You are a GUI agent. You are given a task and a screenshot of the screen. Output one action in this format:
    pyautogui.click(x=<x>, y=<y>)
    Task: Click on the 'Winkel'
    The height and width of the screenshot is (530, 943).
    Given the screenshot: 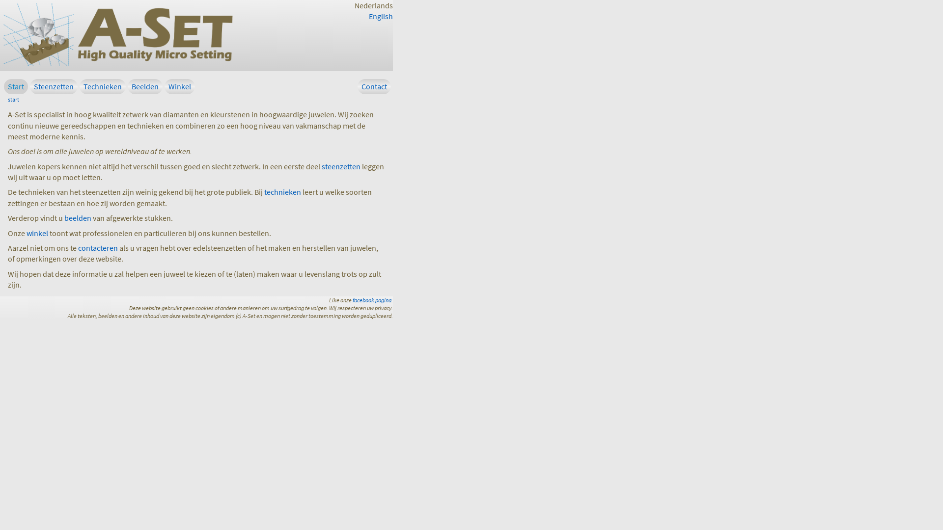 What is the action you would take?
    pyautogui.click(x=179, y=86)
    